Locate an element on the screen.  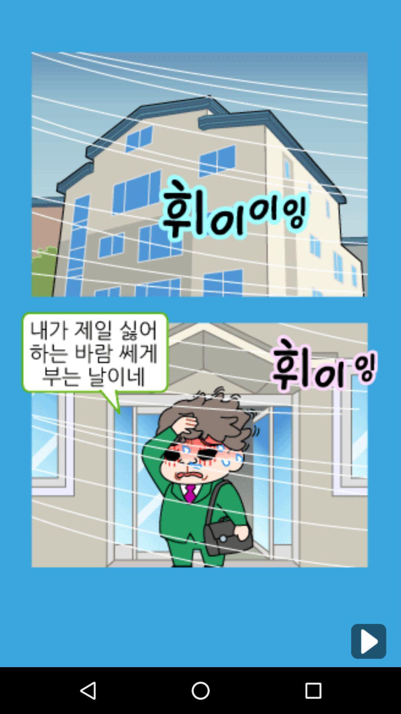
the play icon is located at coordinates (368, 686).